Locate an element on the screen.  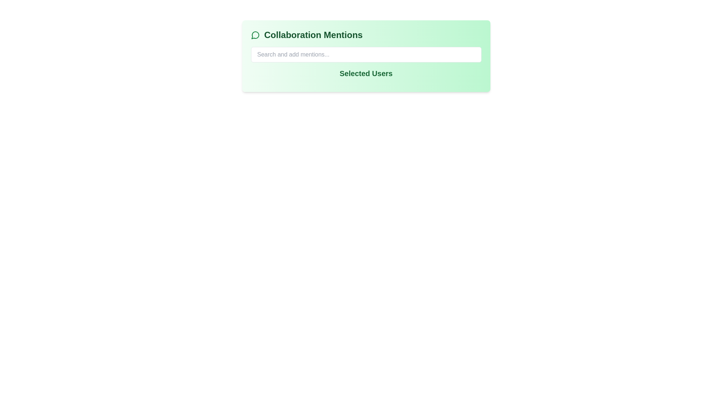
the green chat or message bubble graphic icon element, which has a curved edge and a tail pointing downwards, located to the left of the 'Collaboration Mentions' heading is located at coordinates (255, 35).